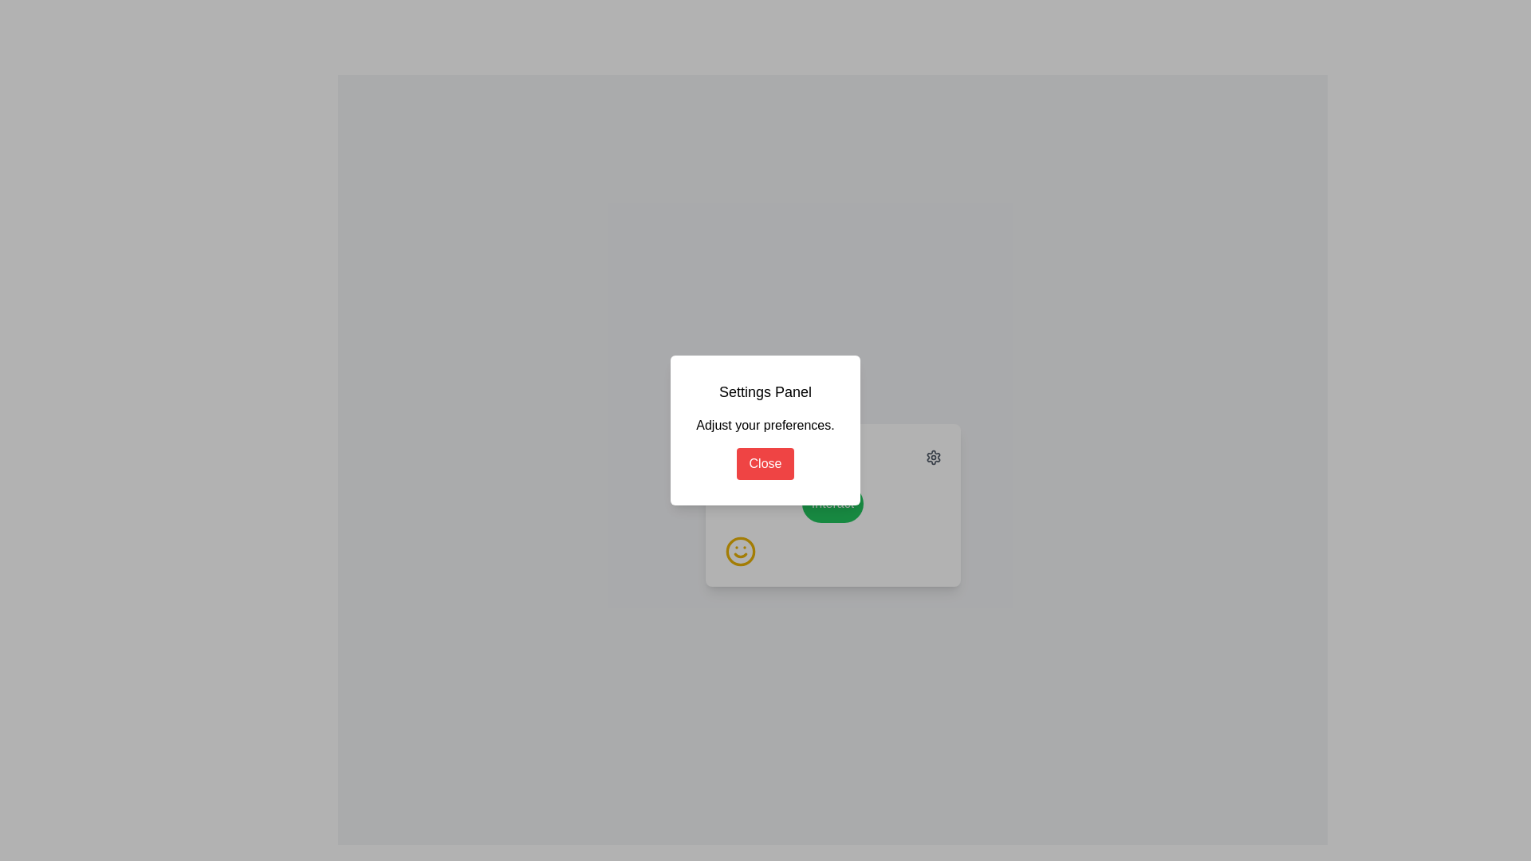 This screenshot has height=861, width=1531. Describe the element at coordinates (739, 550) in the screenshot. I see `the decorative SVG component located within the circular icon at the bottom left of the 'Settings Panel' modal dialog` at that location.